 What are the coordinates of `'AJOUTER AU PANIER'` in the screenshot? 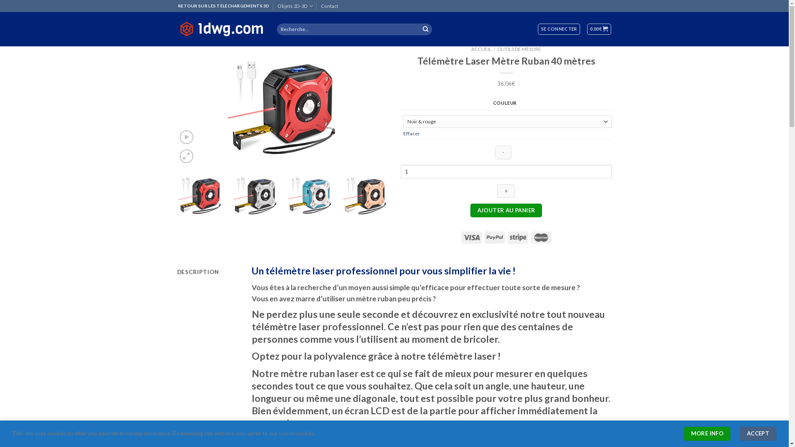 It's located at (506, 210).